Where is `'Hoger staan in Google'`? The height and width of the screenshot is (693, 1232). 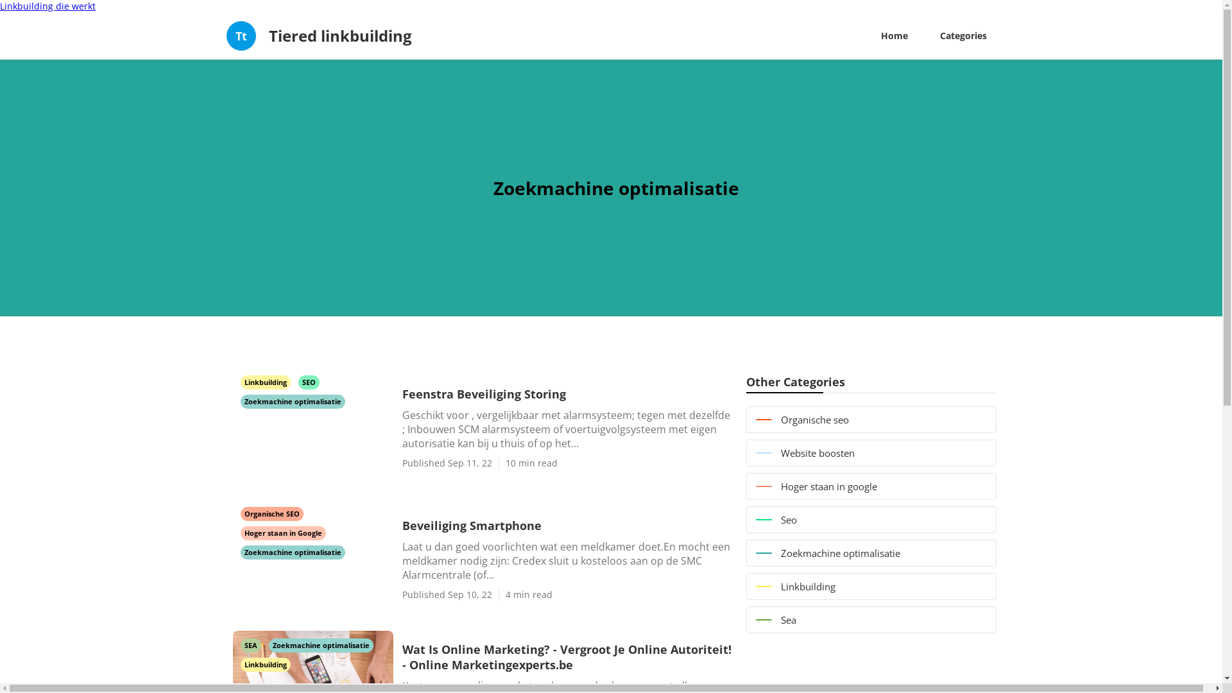 'Hoger staan in Google' is located at coordinates (282, 532).